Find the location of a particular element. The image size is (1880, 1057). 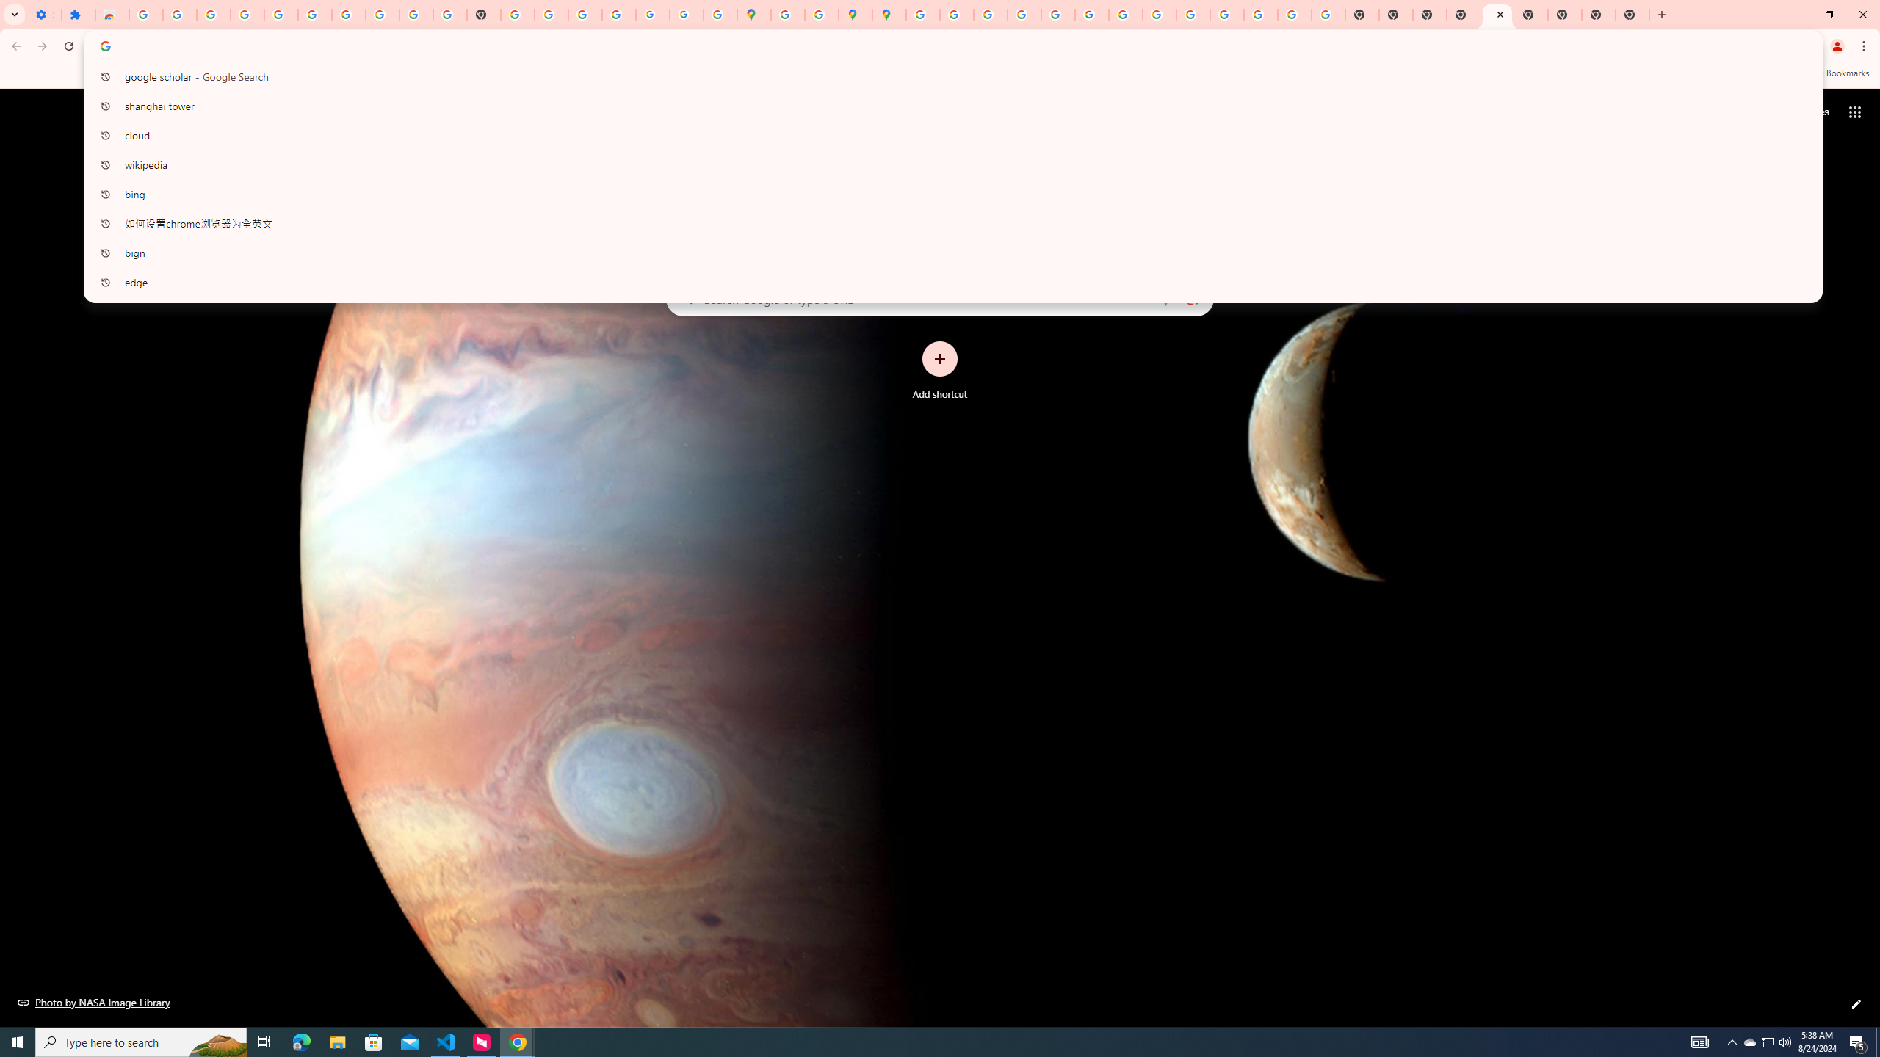

'Delete photos & videos - Computer - Google Photos Help' is located at coordinates (212, 14).